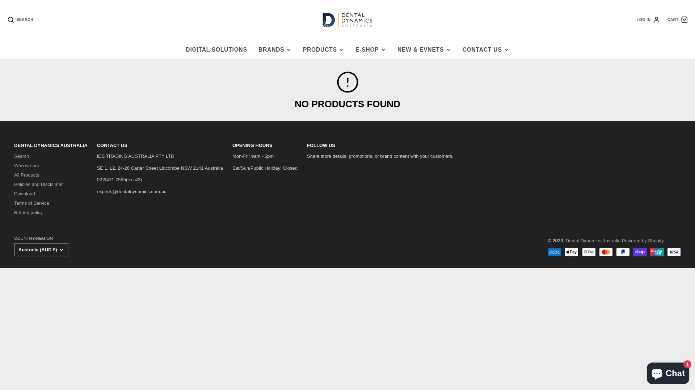  I want to click on 'E-SHOP', so click(370, 49).